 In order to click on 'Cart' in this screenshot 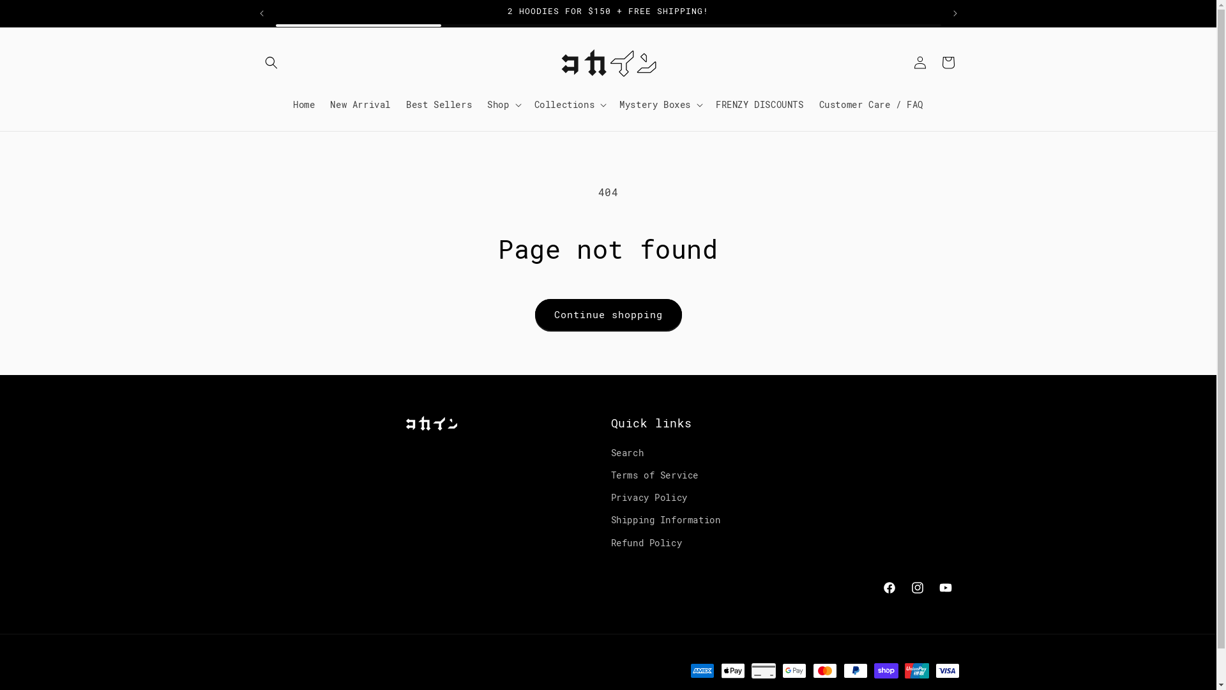, I will do `click(947, 62)`.